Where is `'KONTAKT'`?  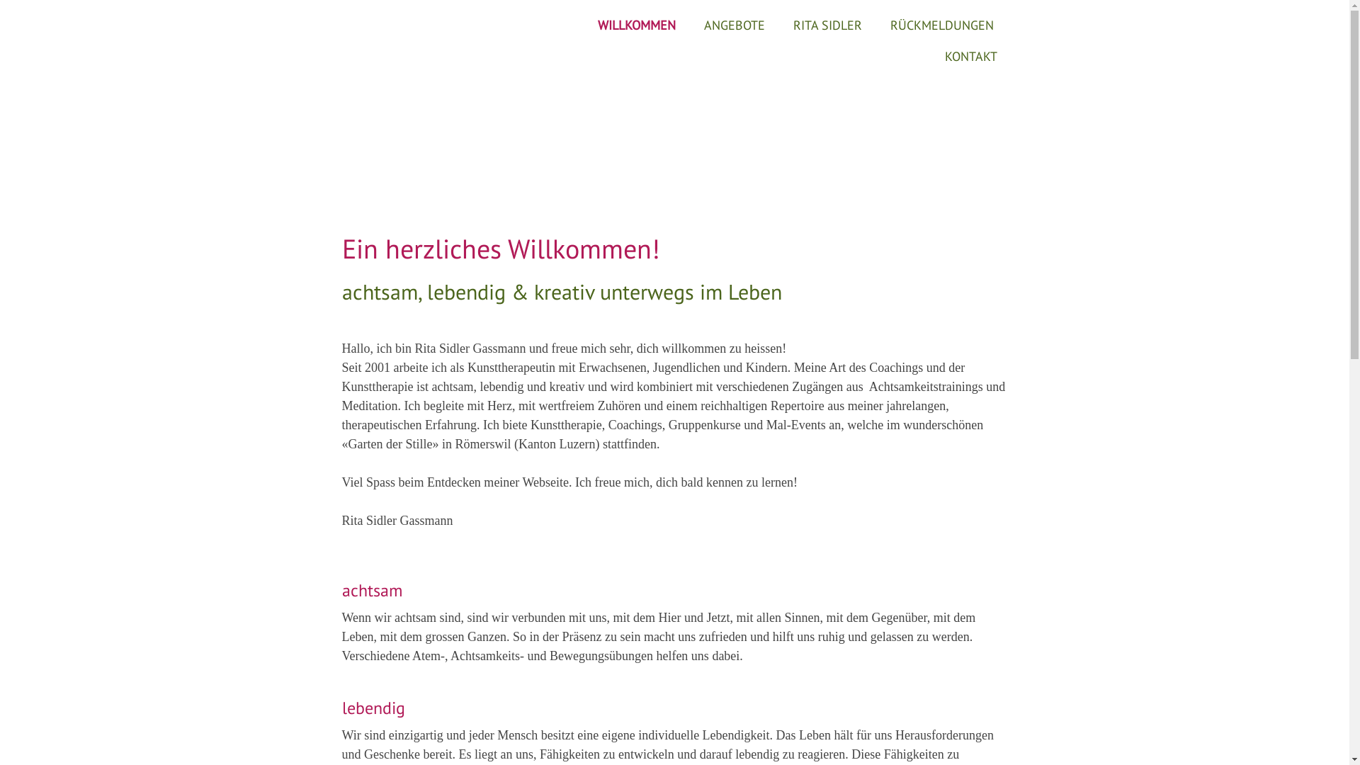 'KONTAKT' is located at coordinates (969, 56).